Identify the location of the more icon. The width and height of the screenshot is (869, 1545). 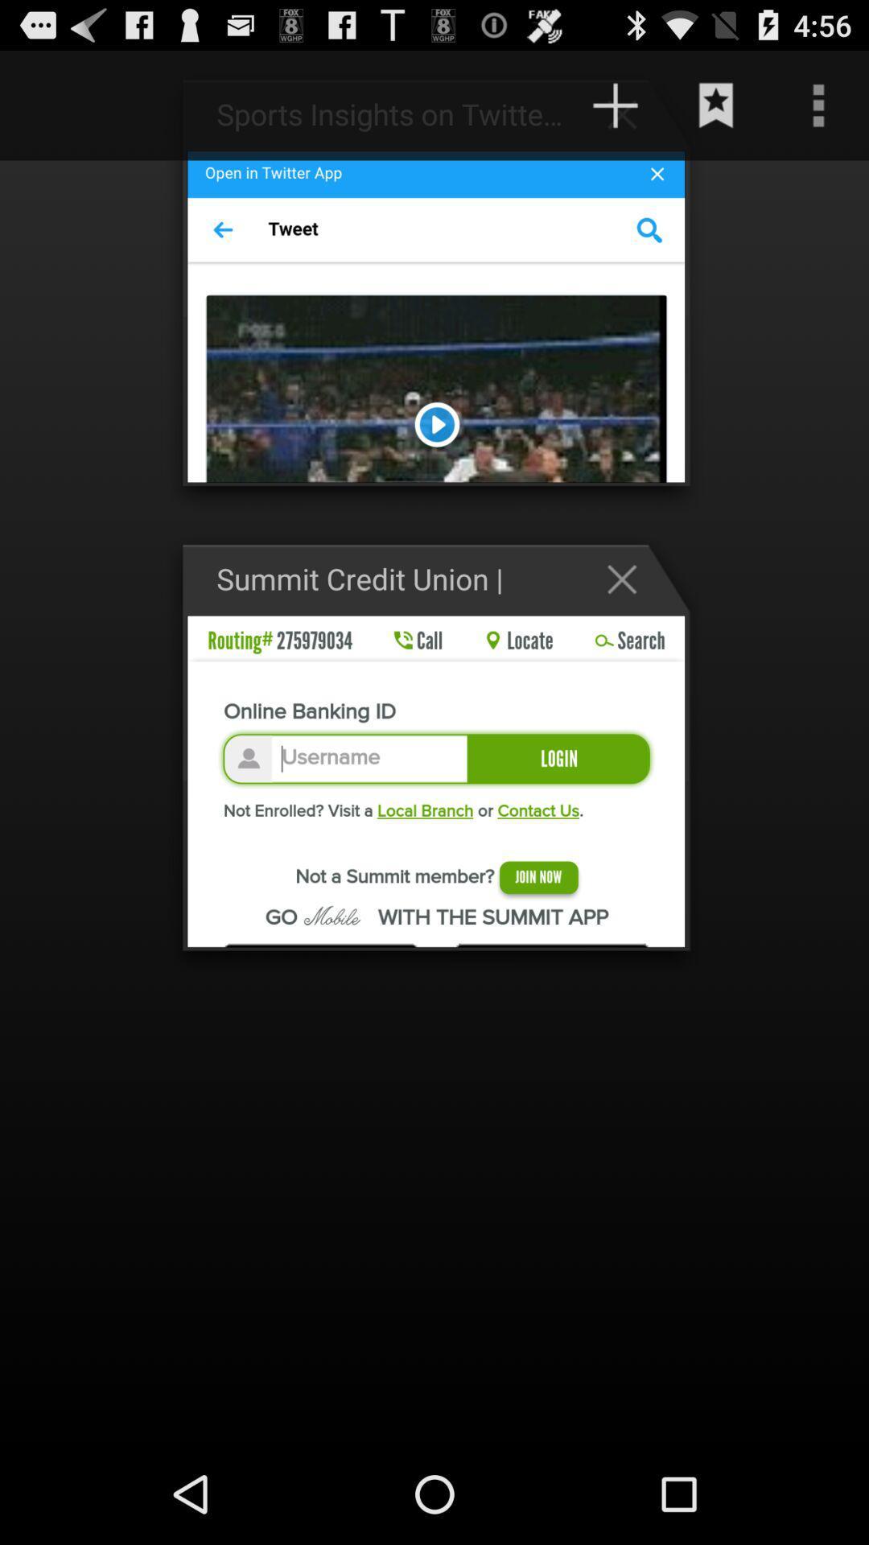
(818, 112).